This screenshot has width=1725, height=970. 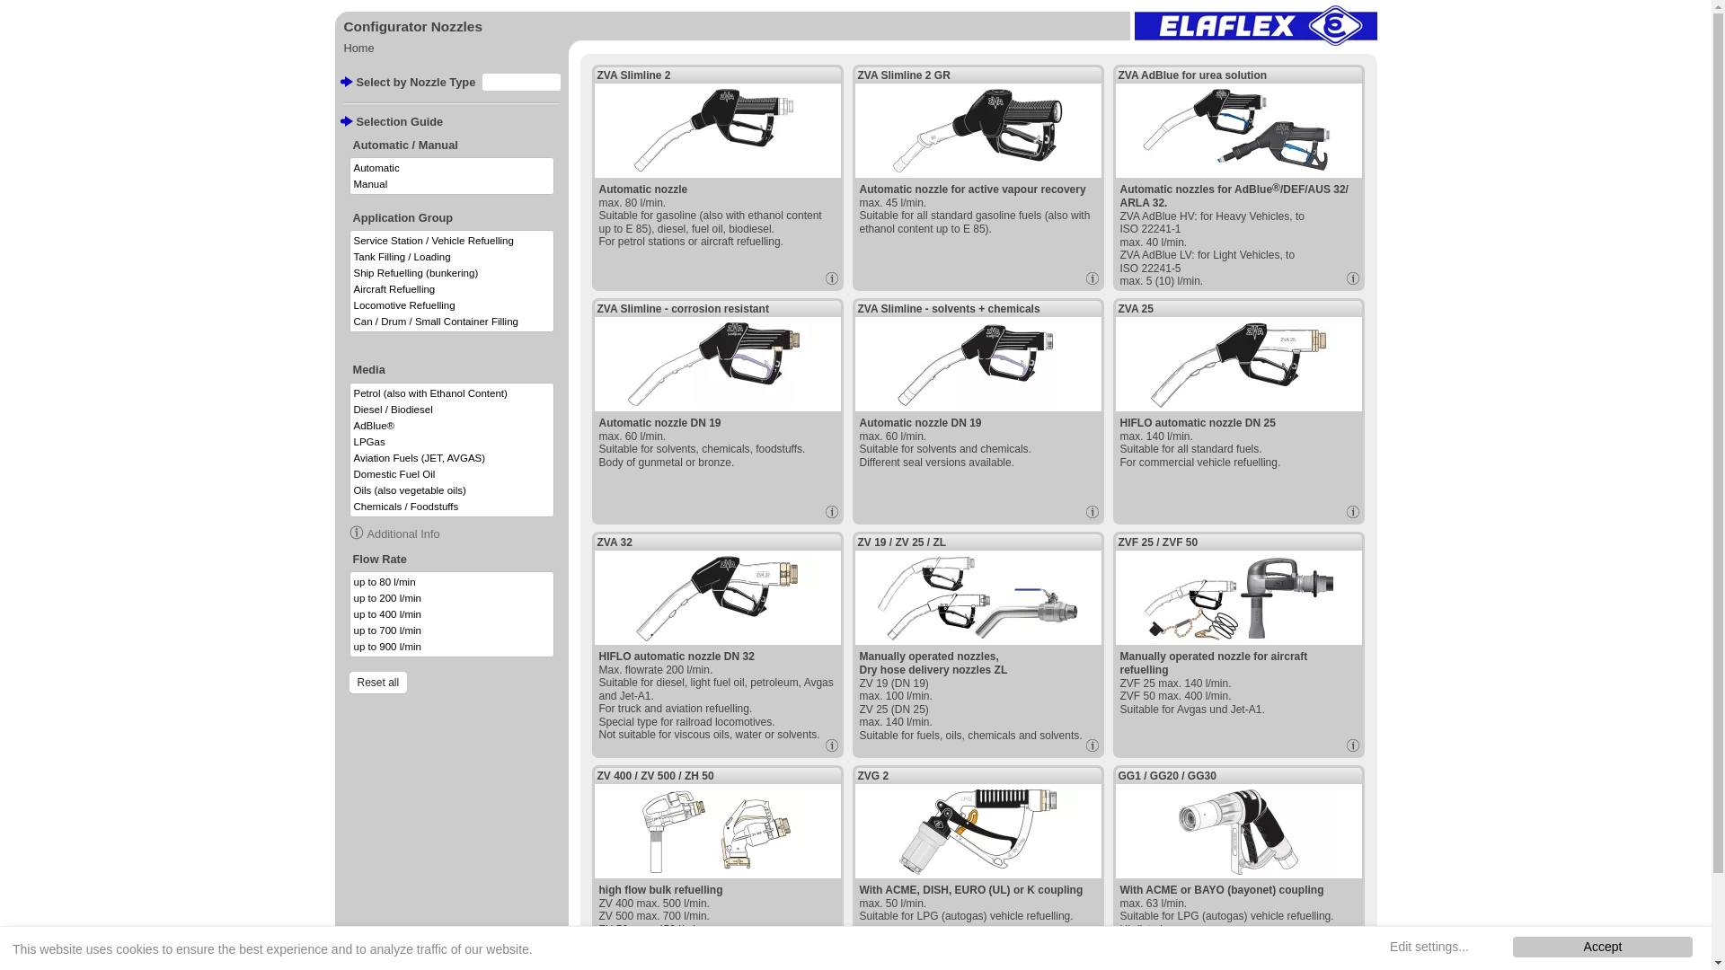 What do you see at coordinates (452, 287) in the screenshot?
I see `'Aircraft Refuelling'` at bounding box center [452, 287].